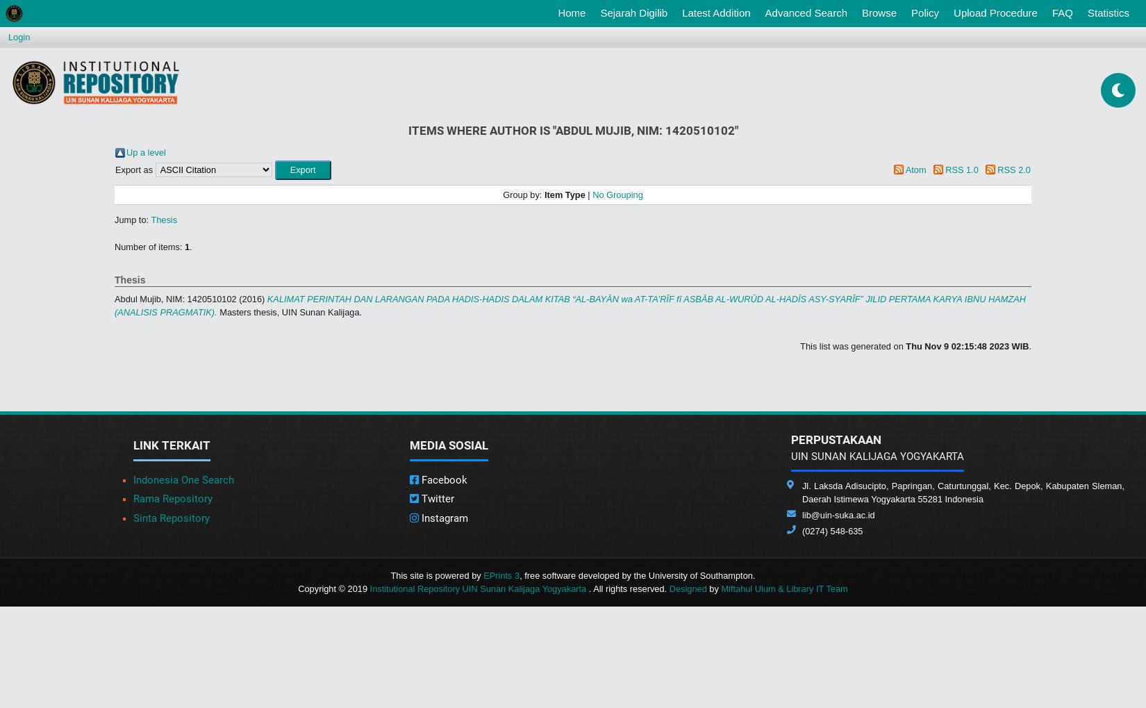  What do you see at coordinates (1013, 170) in the screenshot?
I see `'RSS 2.0'` at bounding box center [1013, 170].